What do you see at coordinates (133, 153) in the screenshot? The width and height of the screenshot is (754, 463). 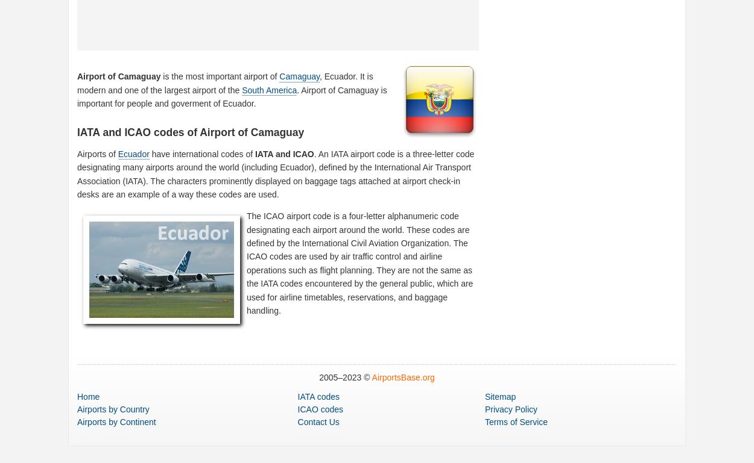 I see `'Ecuador'` at bounding box center [133, 153].